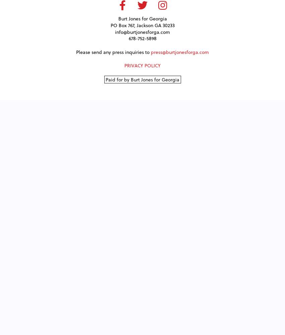  What do you see at coordinates (142, 31) in the screenshot?
I see `'info@burtjonesforga.com'` at bounding box center [142, 31].